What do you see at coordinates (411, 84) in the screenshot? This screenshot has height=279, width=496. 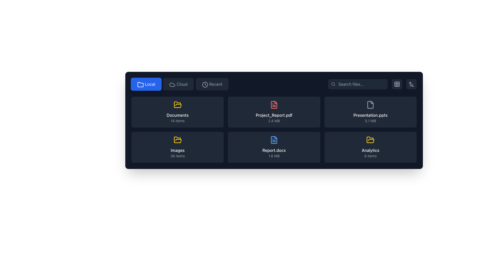 I see `the sorting button with a narrow-to-wide arrow icon located at the far right of the header row to sort items in ascending order` at bounding box center [411, 84].